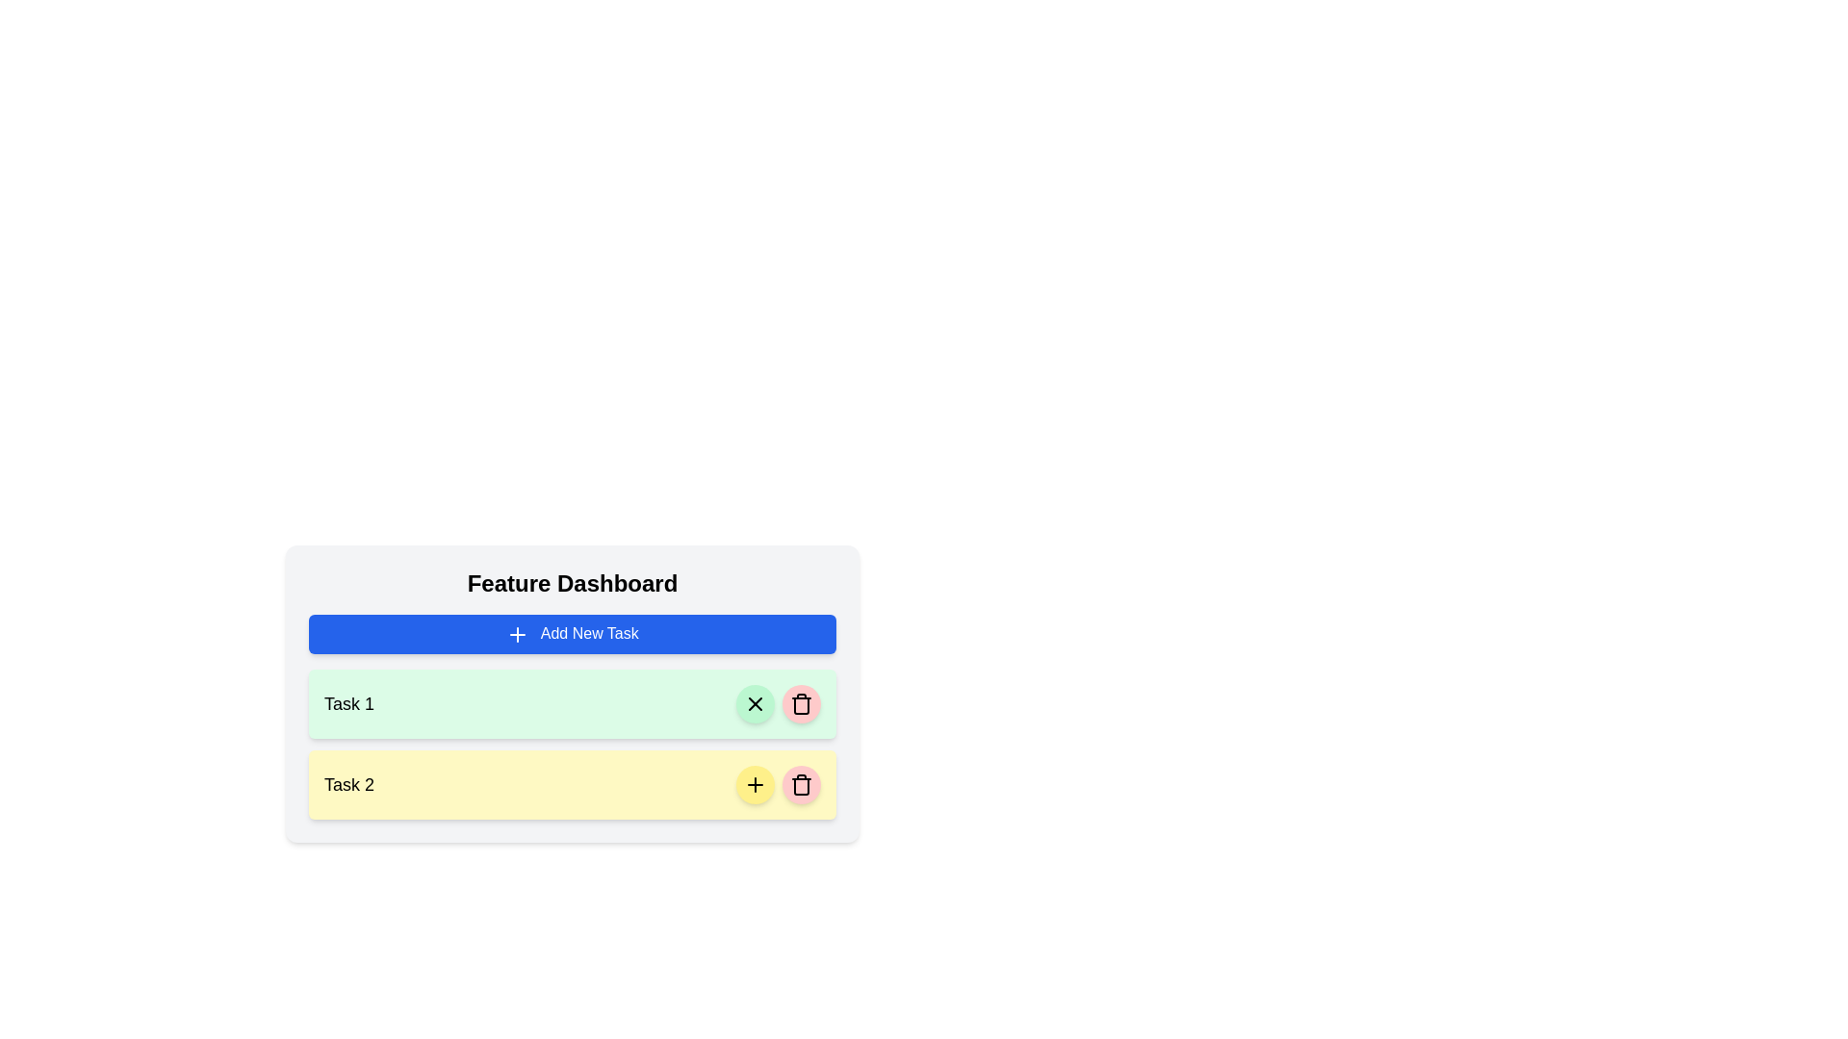 The height and width of the screenshot is (1039, 1848). What do you see at coordinates (802, 783) in the screenshot?
I see `the rounded red delete button with a trash bin icon located on the right side of the yellow task item in the task list` at bounding box center [802, 783].